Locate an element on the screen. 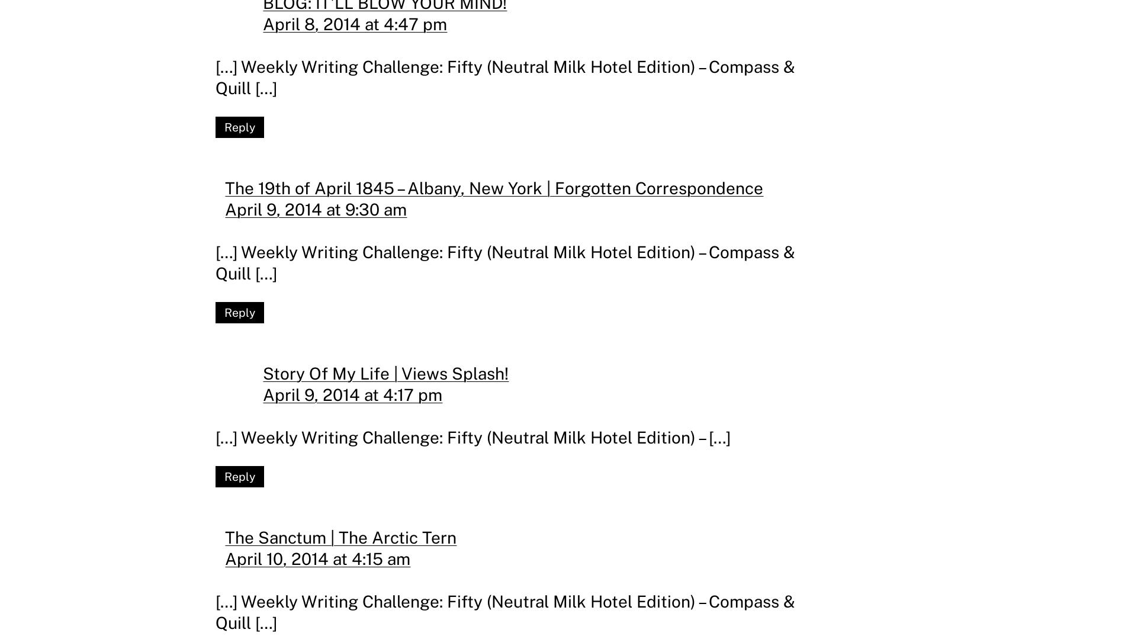 The width and height of the screenshot is (1125, 636). 'April 9, 2014 at 9:30 am' is located at coordinates (224, 208).